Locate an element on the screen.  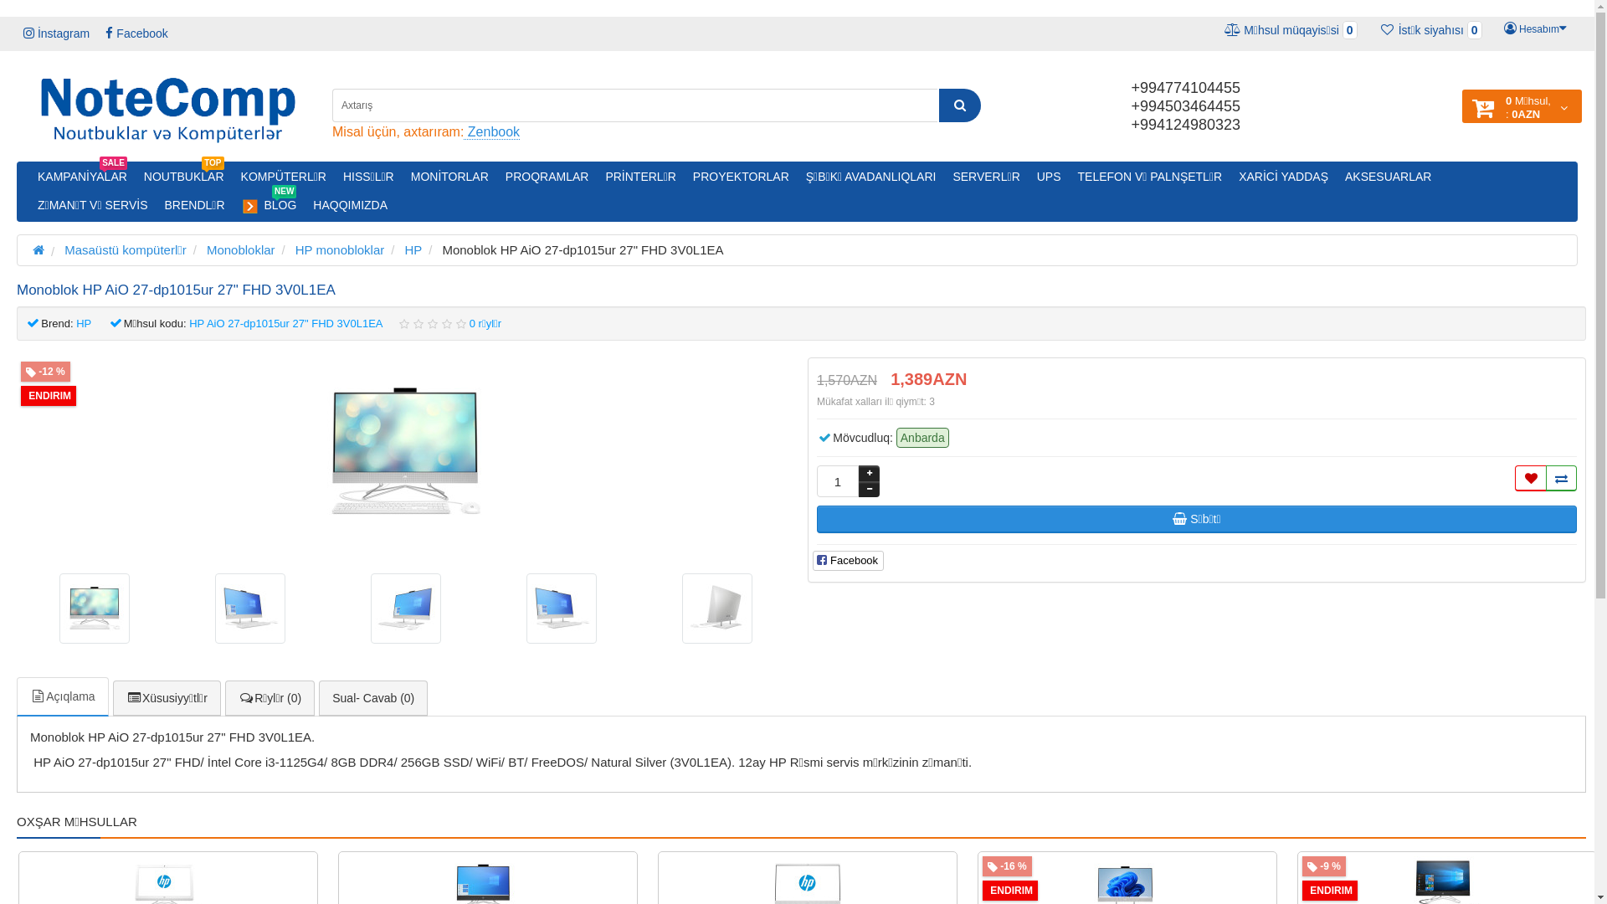
'HAQQIMIZDA' is located at coordinates (349, 204).